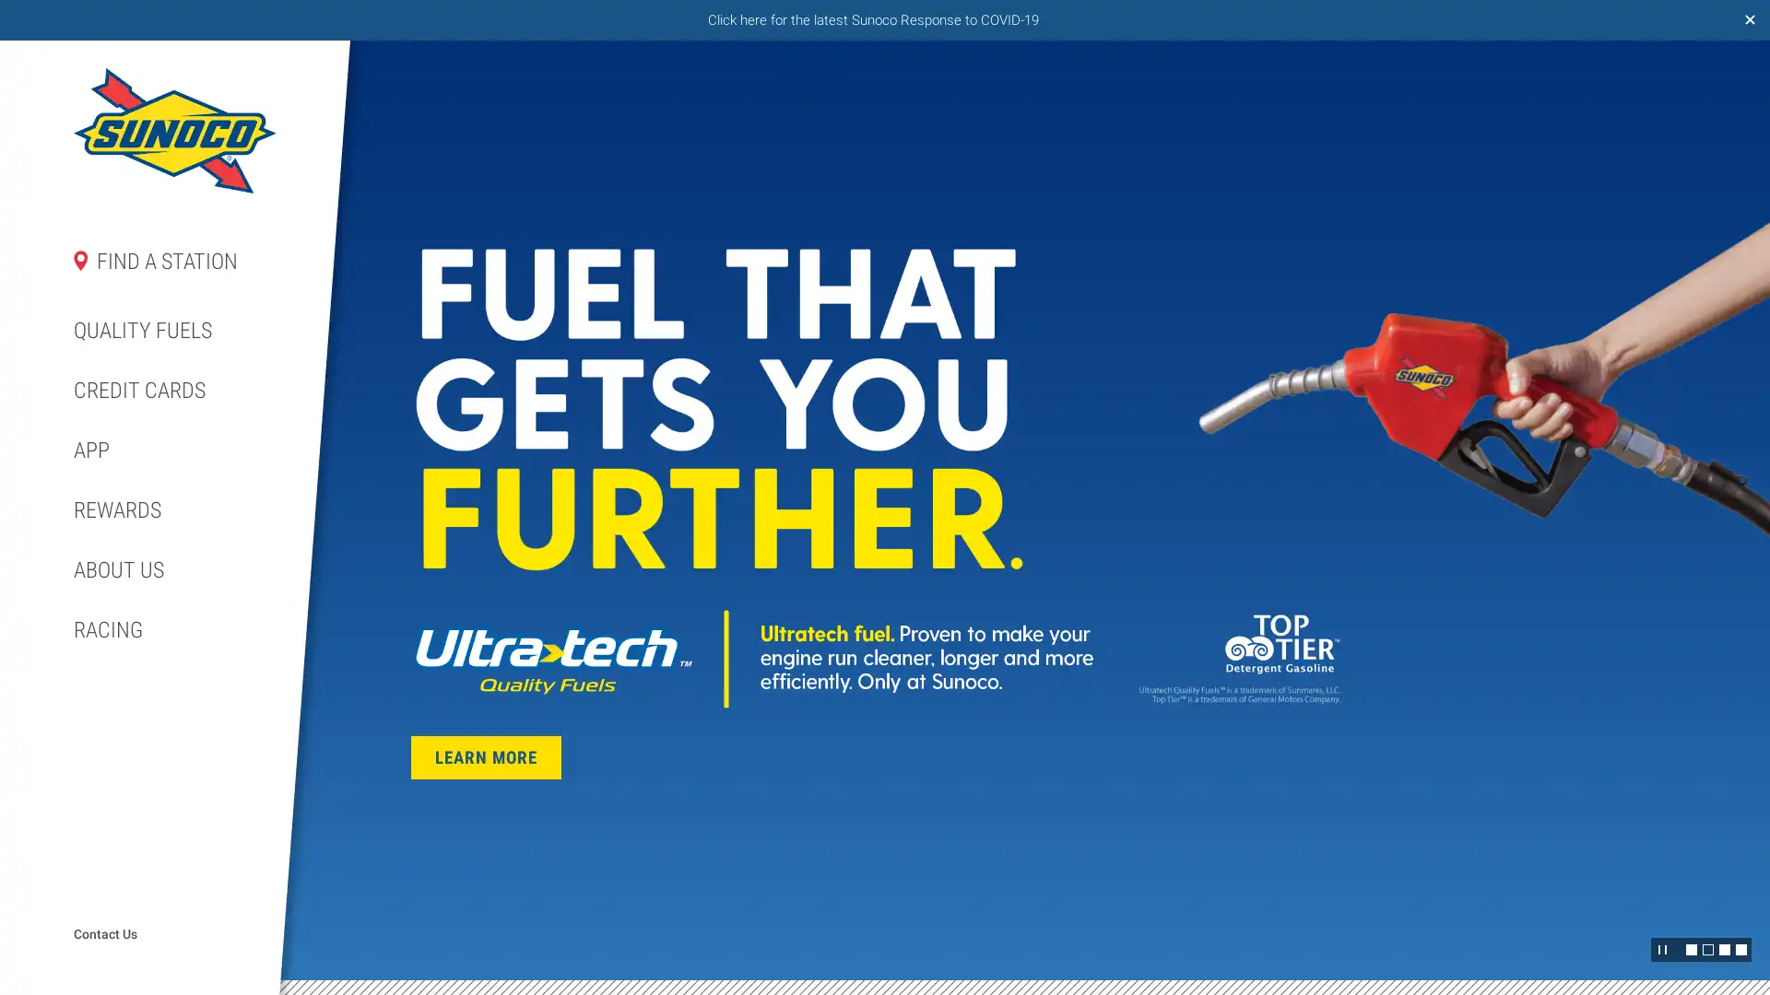 This screenshot has width=1770, height=995. I want to click on Toggle Slideshow Playback, so click(1662, 949).